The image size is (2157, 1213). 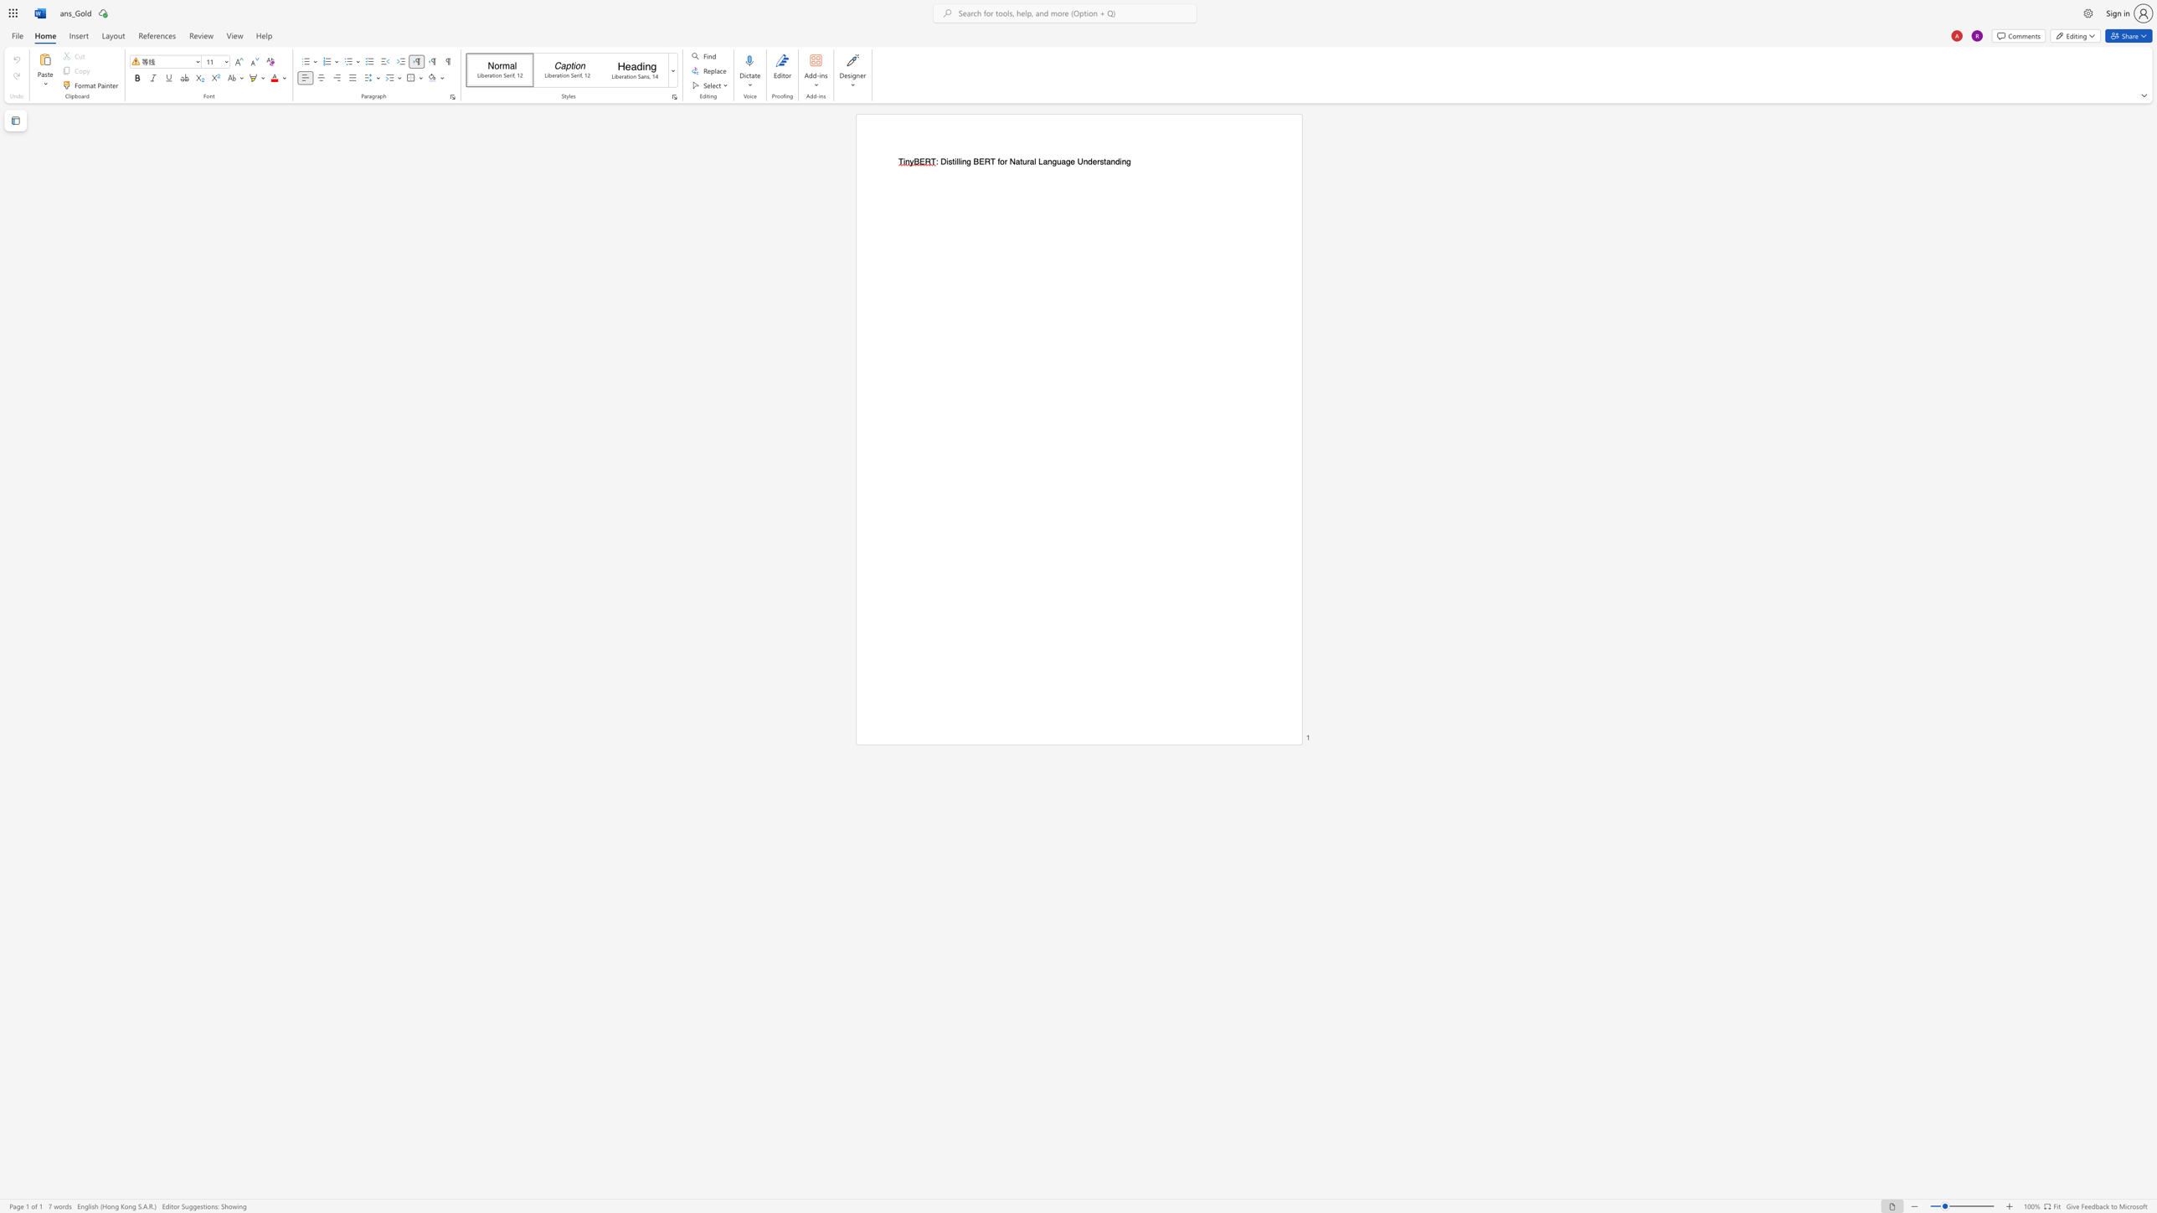 What do you see at coordinates (953, 161) in the screenshot?
I see `the subset text "illing BERT for Natural Language Unders" within the text ": Distilling BERT for Natural Language Understanding"` at bounding box center [953, 161].